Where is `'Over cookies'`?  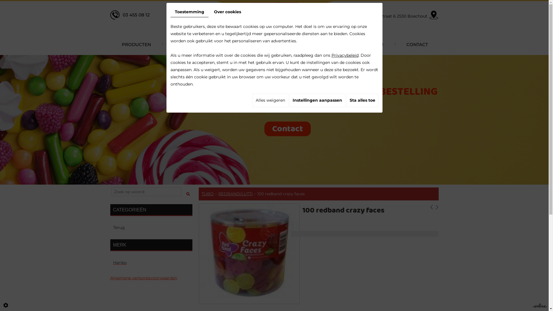
'Over cookies' is located at coordinates (227, 12).